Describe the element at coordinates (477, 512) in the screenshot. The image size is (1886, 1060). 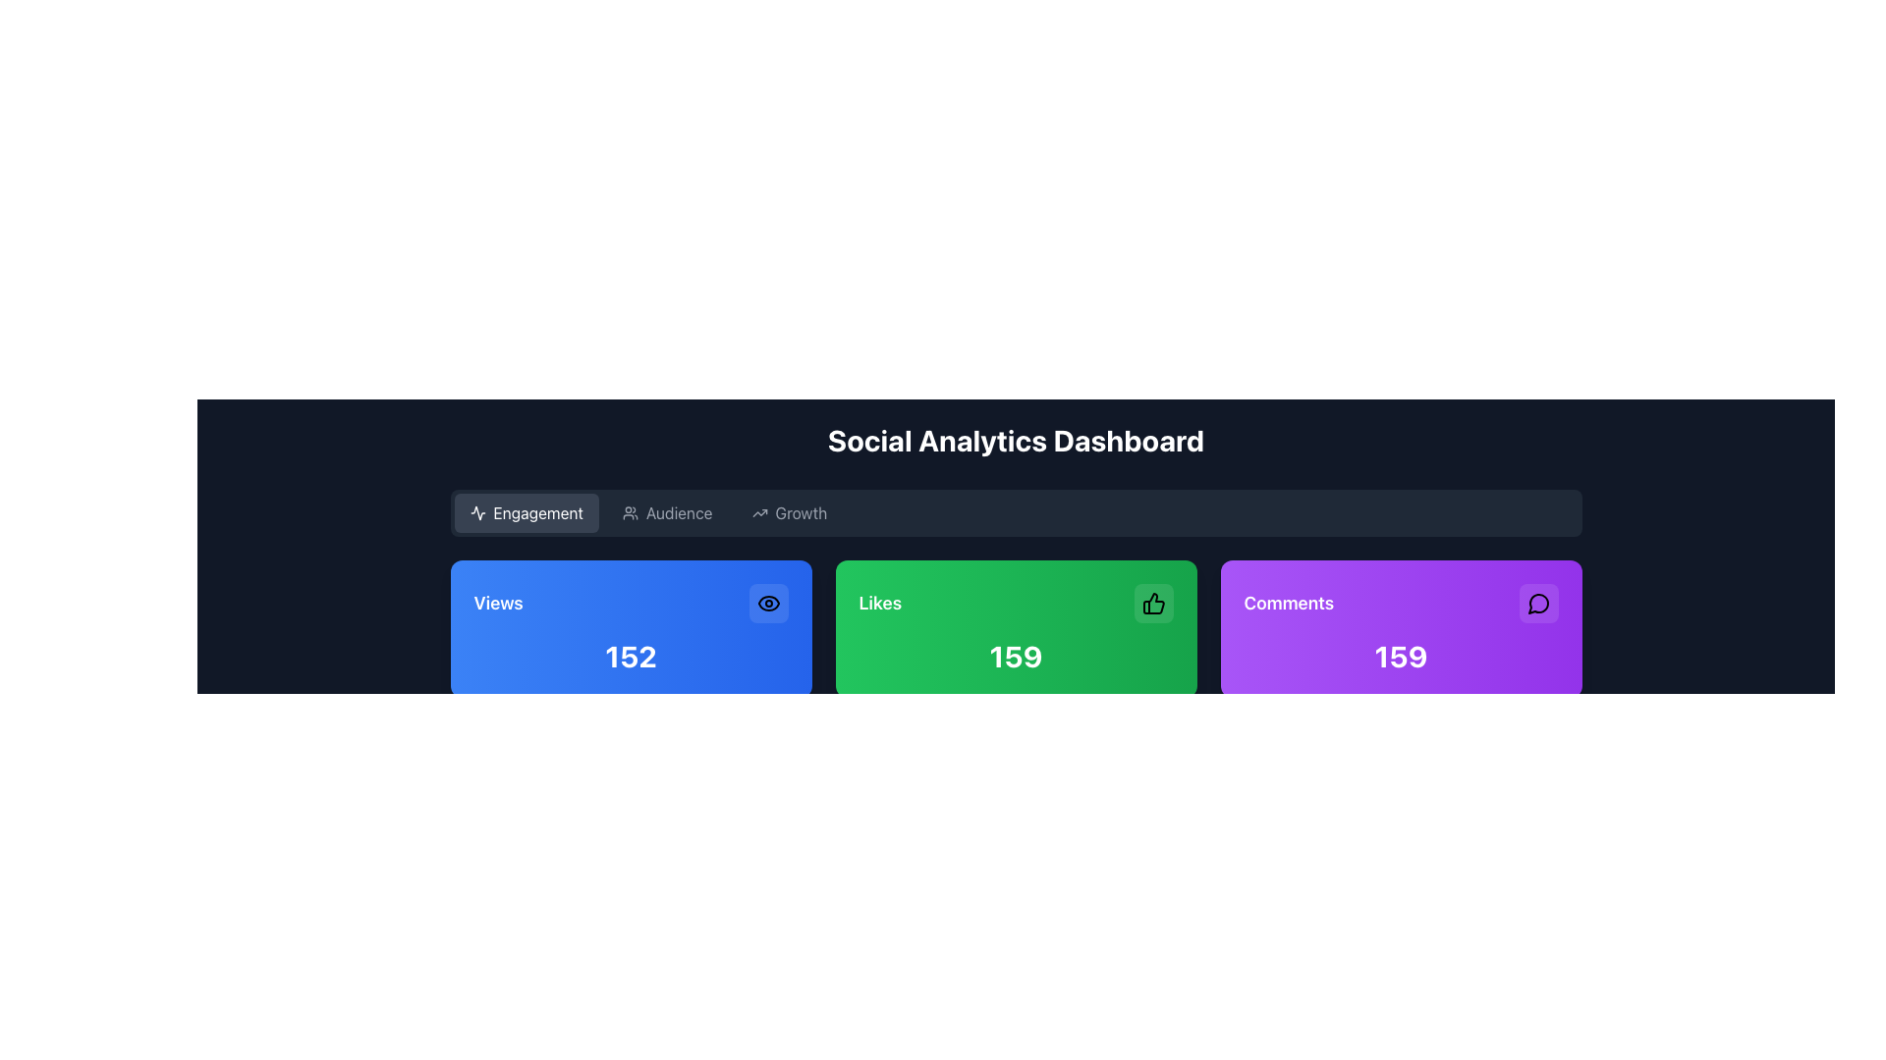
I see `the small waveform icon within the 'Engagement' button, which is located on the left side of the navigation bar` at that location.